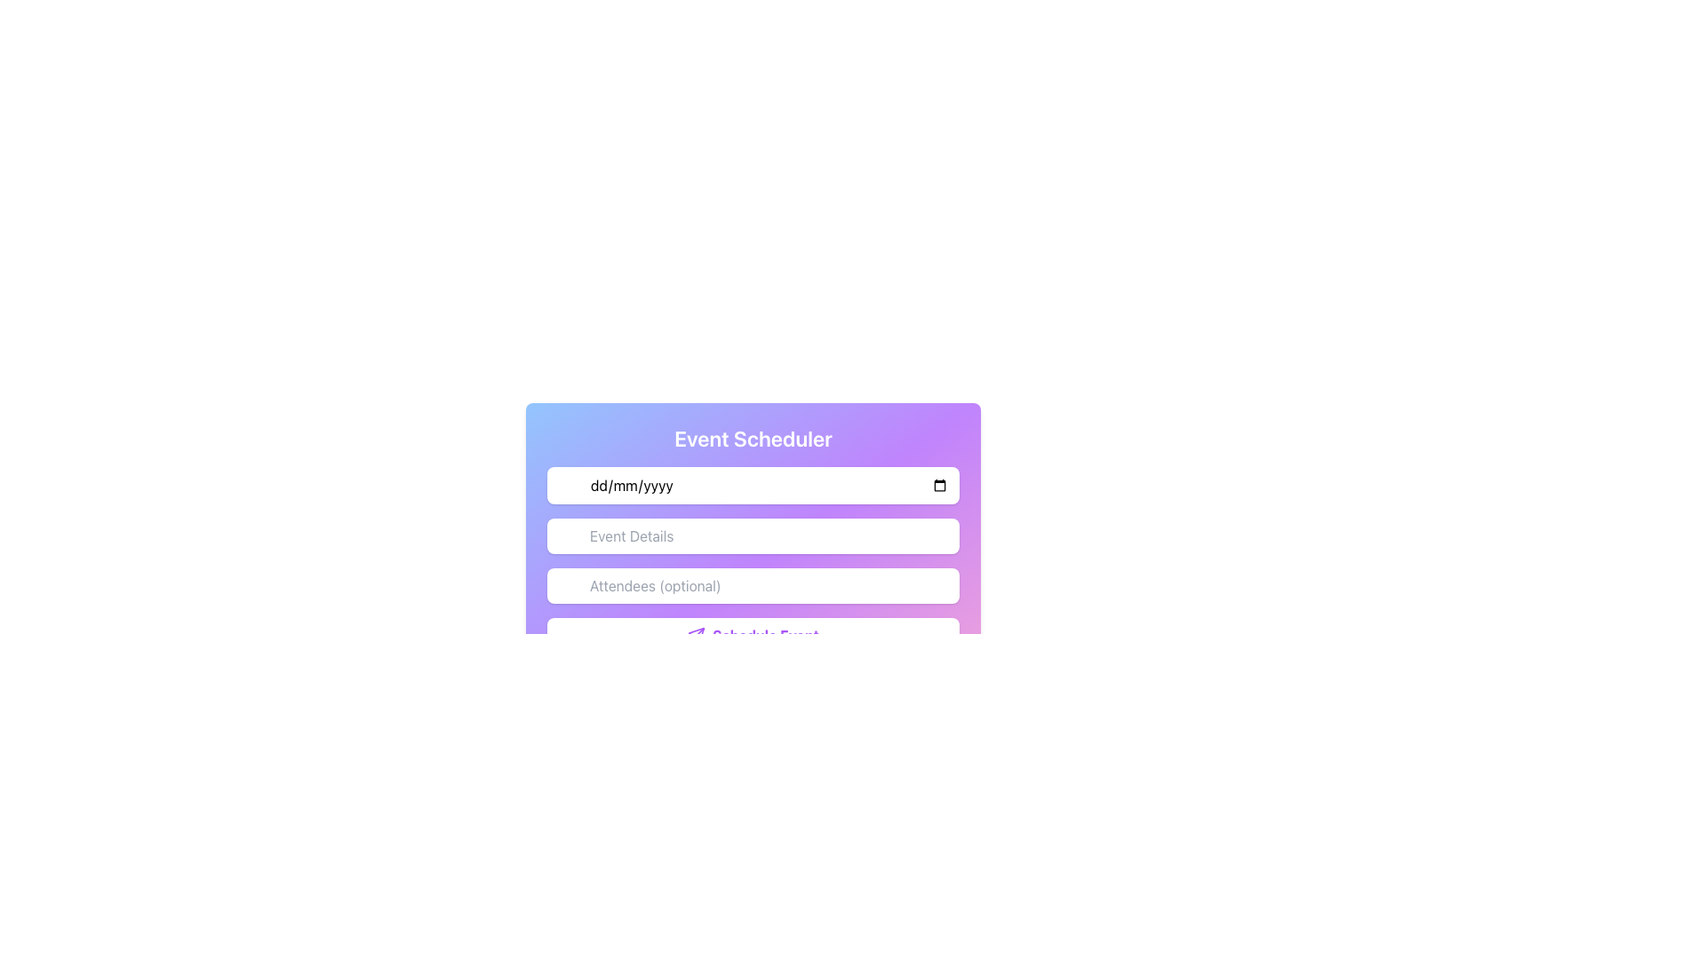 The image size is (1706, 959). Describe the element at coordinates (753, 560) in the screenshot. I see `the second text input field in the 'Event Scheduler' card component, which is located immediately below the date input field` at that location.